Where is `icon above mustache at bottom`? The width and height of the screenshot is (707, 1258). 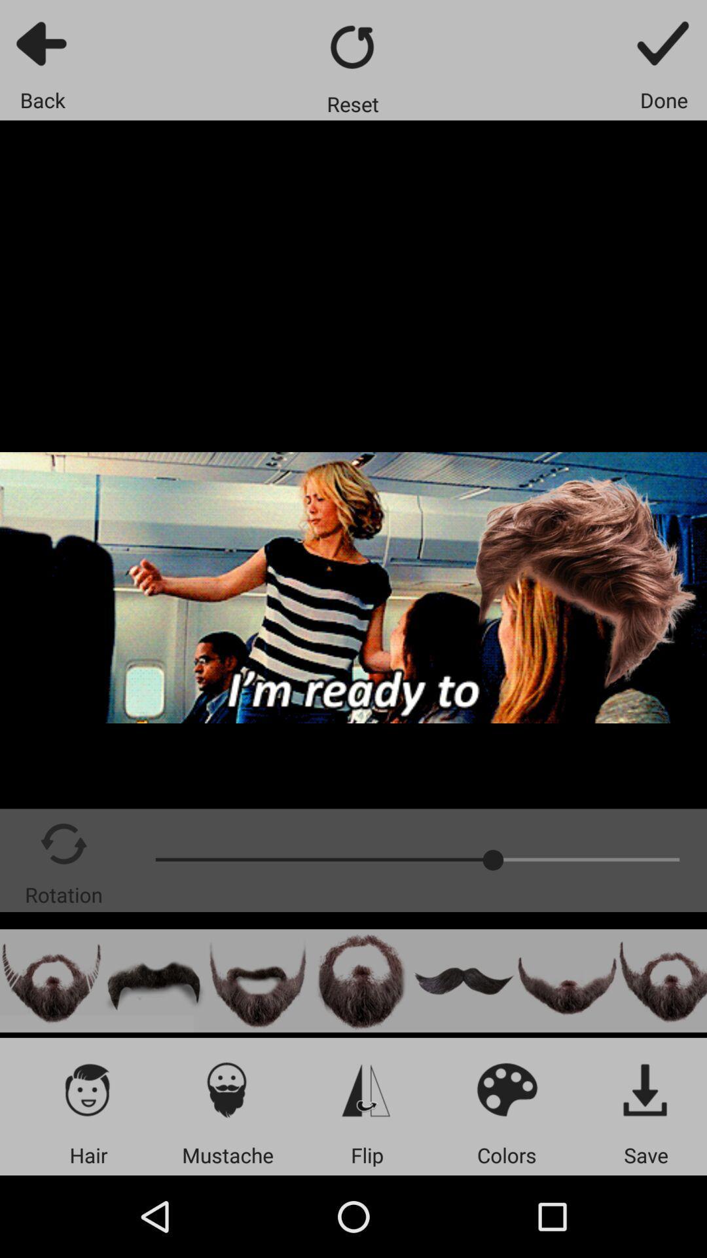 icon above mustache at bottom is located at coordinates (227, 1089).